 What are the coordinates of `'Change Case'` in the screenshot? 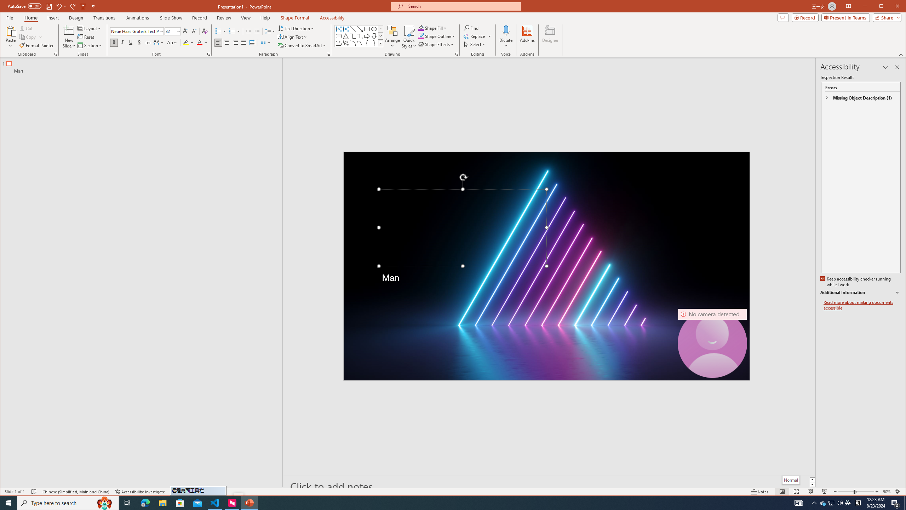 It's located at (172, 42).